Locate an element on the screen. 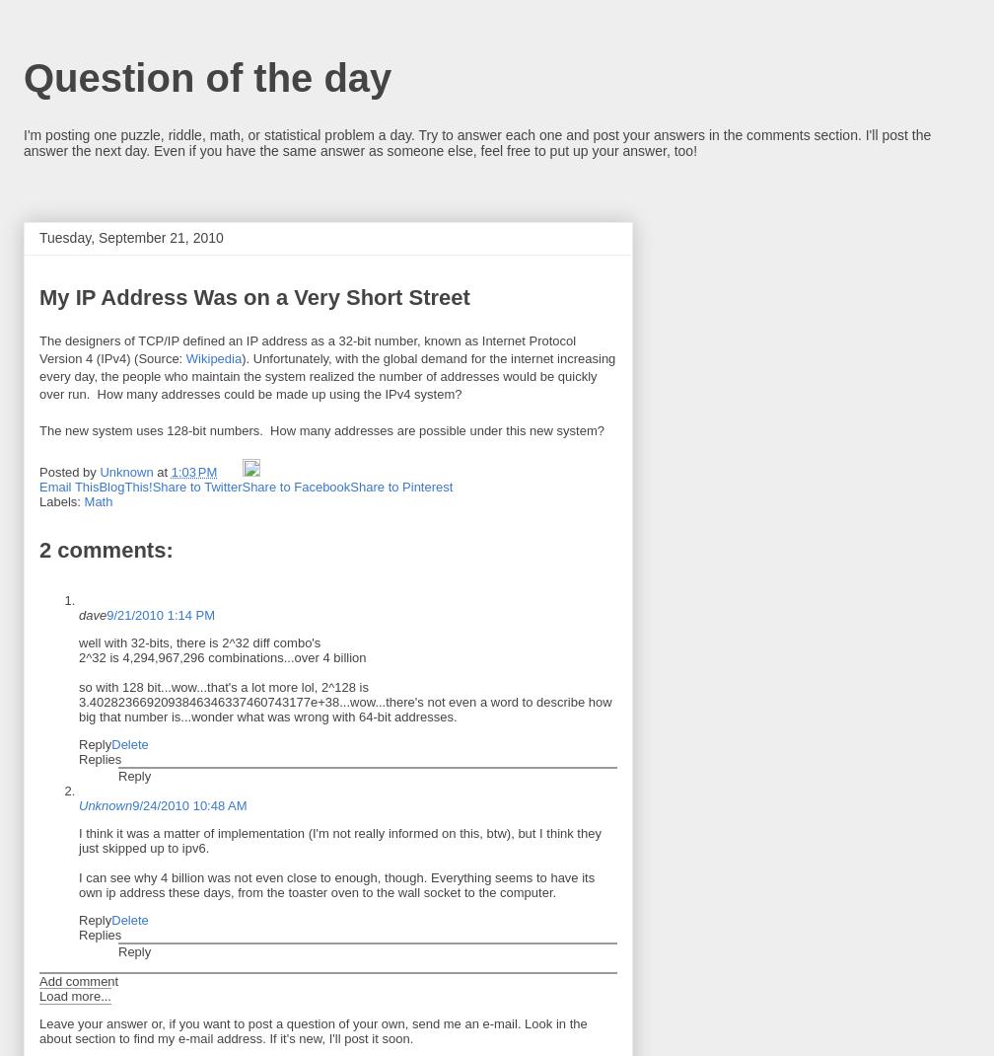  'Labels:' is located at coordinates (61, 501).